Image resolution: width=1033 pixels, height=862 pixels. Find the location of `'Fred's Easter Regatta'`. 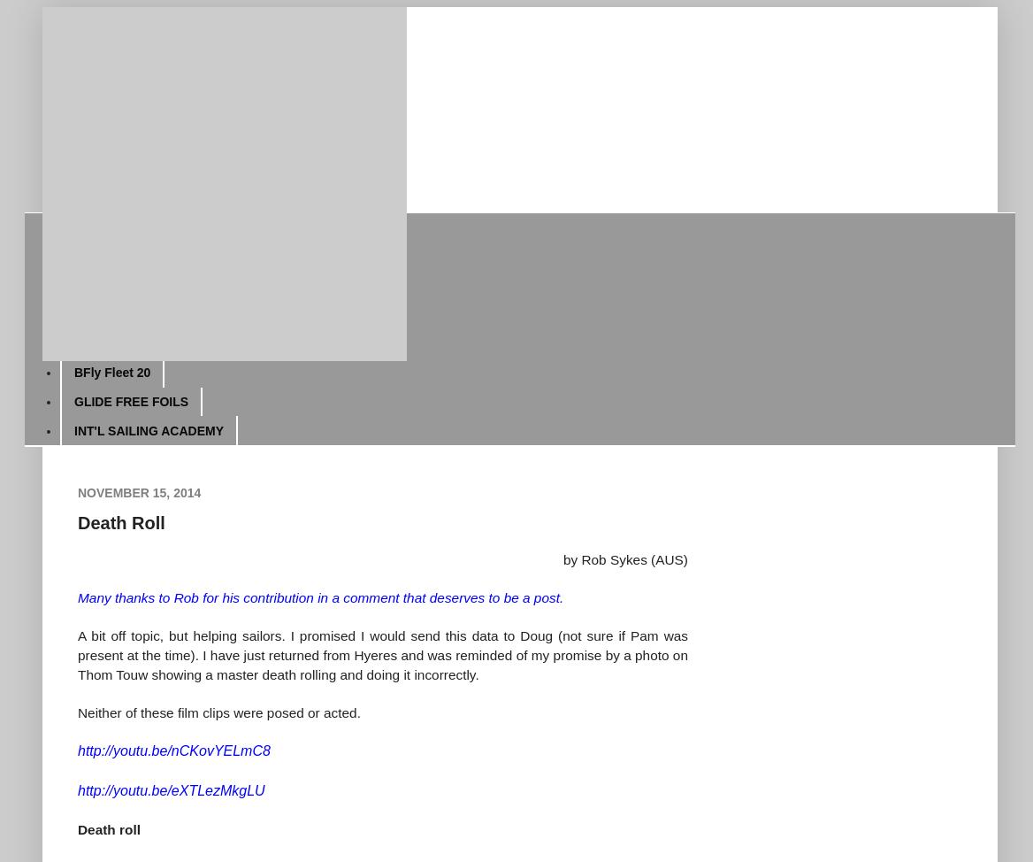

'Fred's Easter Regatta' is located at coordinates (137, 343).